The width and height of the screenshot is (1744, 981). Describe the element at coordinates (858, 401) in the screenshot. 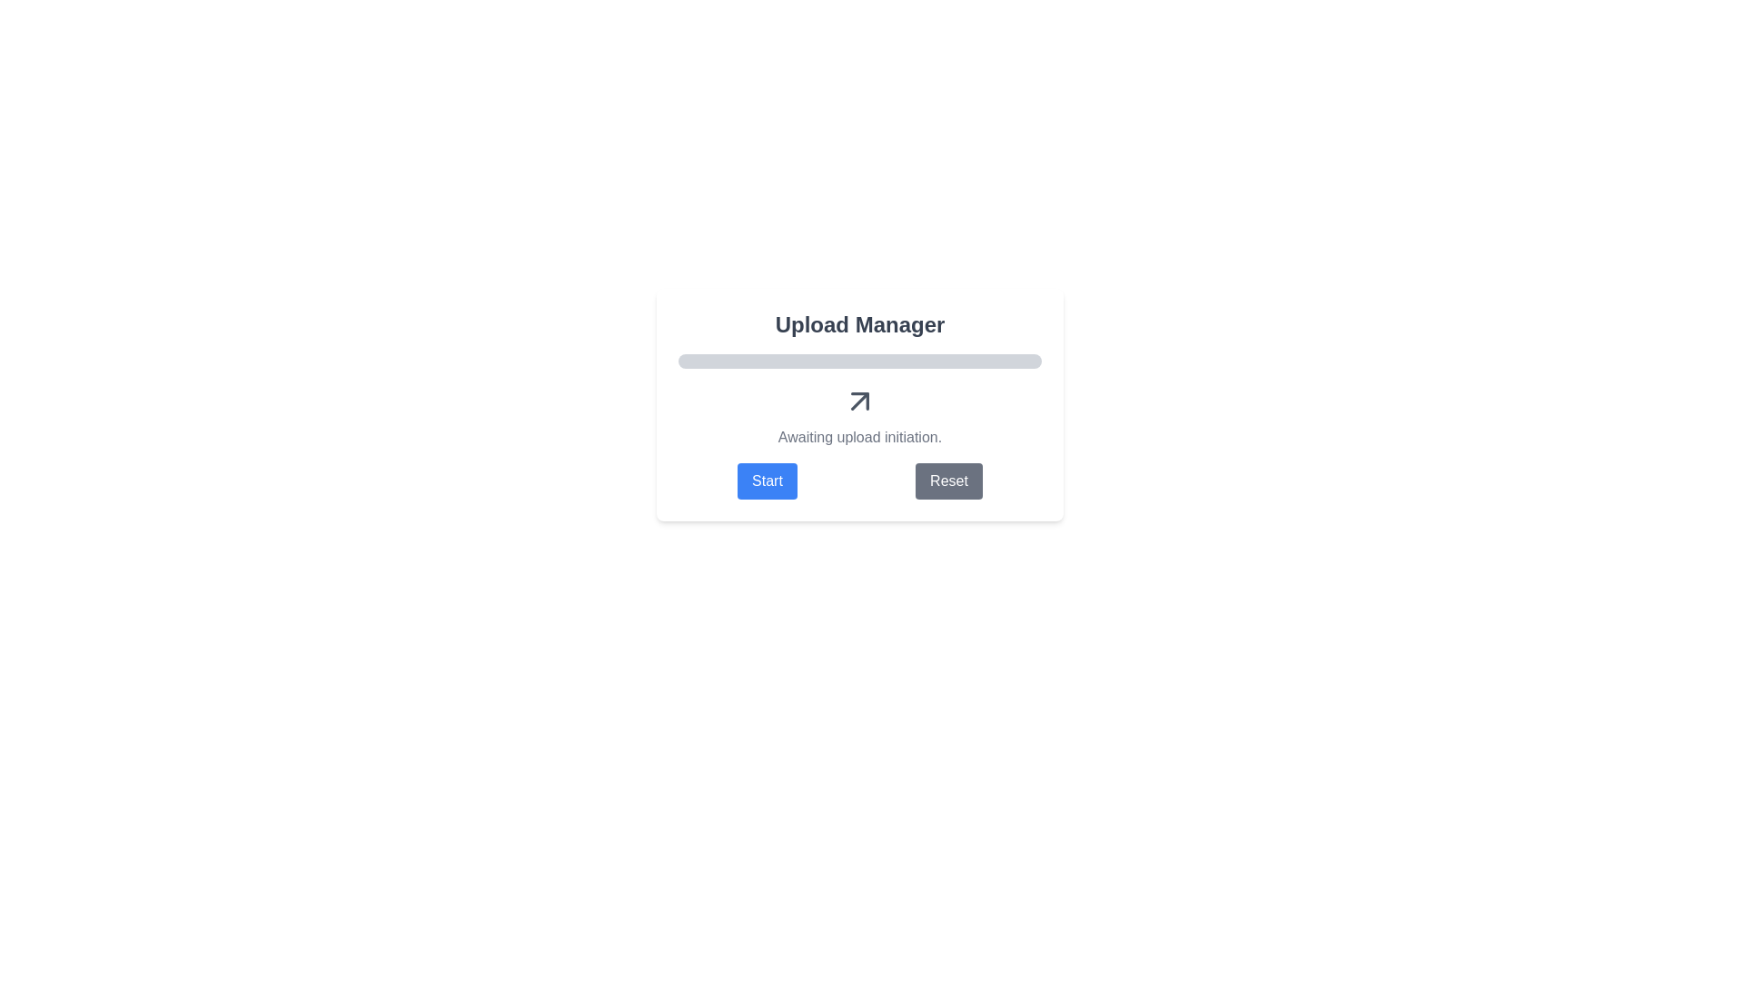

I see `the SVG-based arrow icon located centrally in the interface, which is a minimalist gray arrow pointing diagonally upwards and to the right` at that location.